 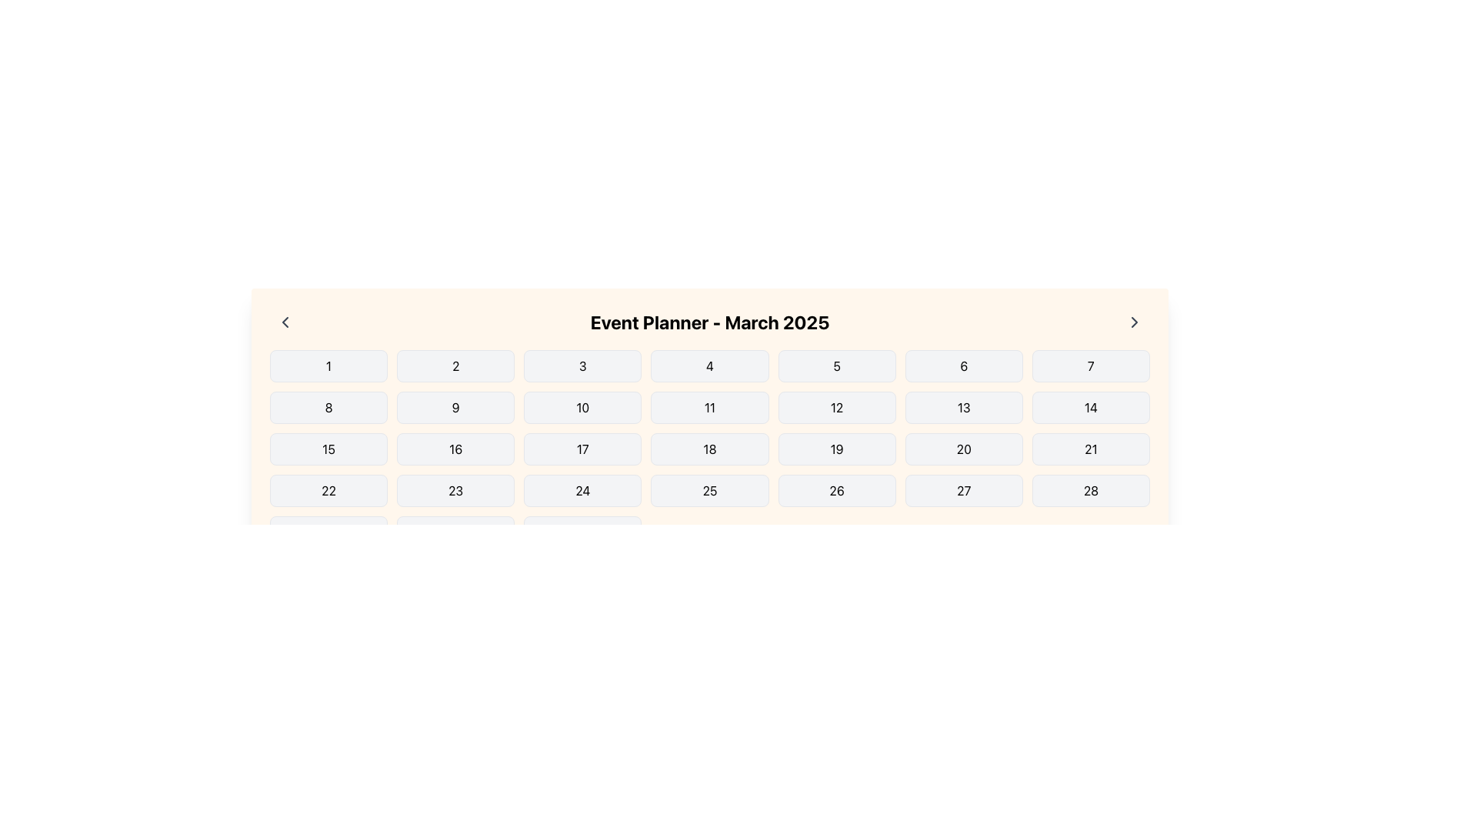 What do you see at coordinates (328, 490) in the screenshot?
I see `the static text representing the date entry (22nd) in the fourth row and fourth column of the calendar interface` at bounding box center [328, 490].